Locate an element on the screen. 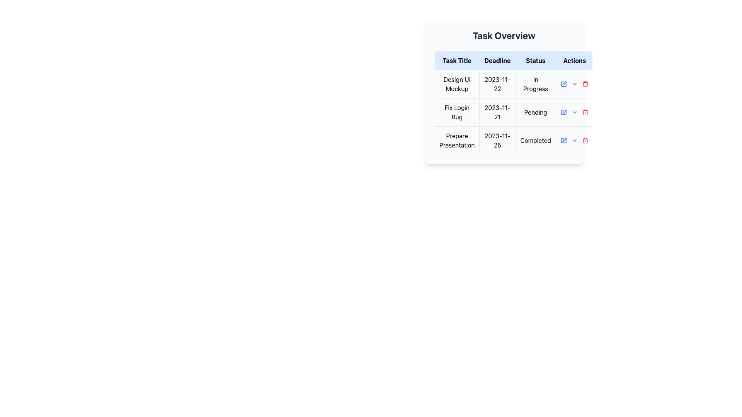 This screenshot has width=742, height=417. the small downward-facing chevron icon located in the Actions column of the second row under the 'Task Overview' title is located at coordinates (575, 112).